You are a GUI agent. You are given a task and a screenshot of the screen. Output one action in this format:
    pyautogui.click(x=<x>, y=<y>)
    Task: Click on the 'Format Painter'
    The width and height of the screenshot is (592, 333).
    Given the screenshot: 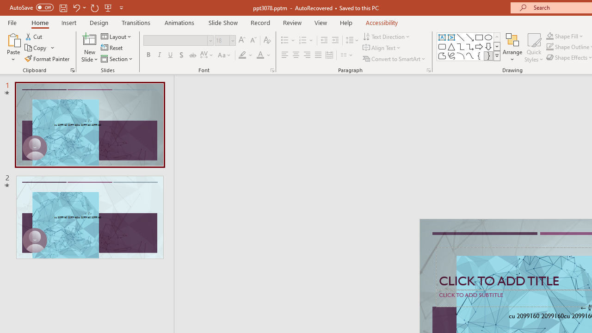 What is the action you would take?
    pyautogui.click(x=47, y=59)
    